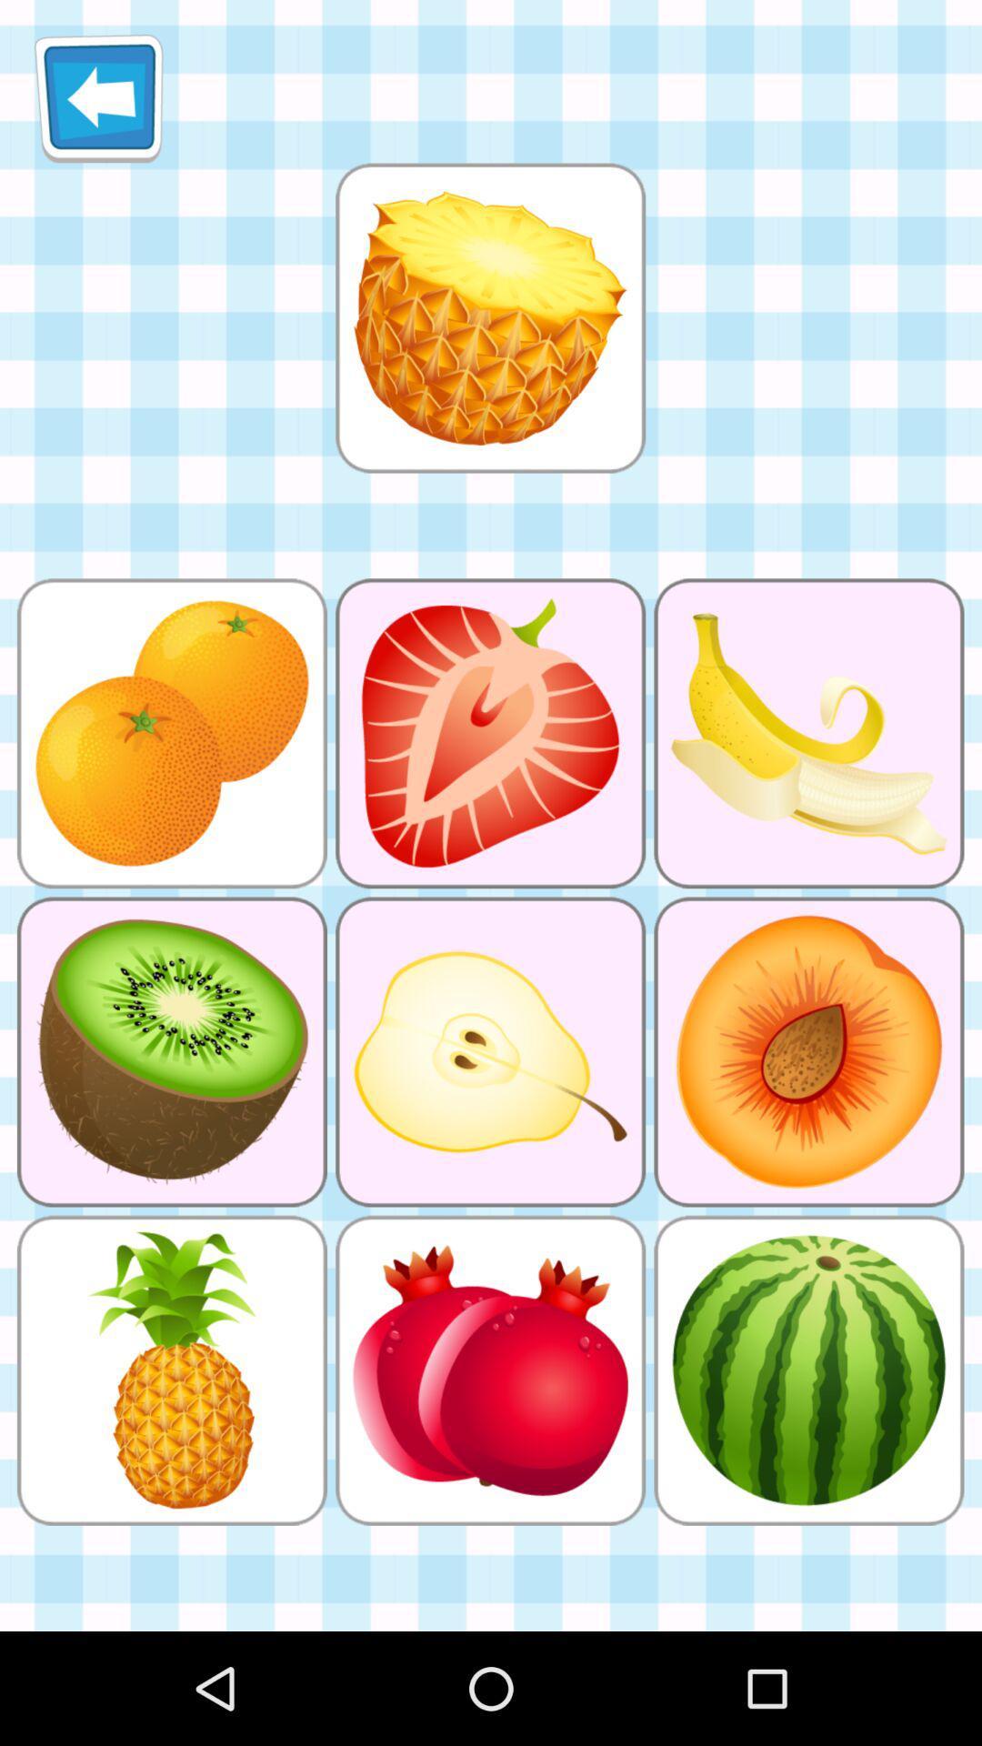 The width and height of the screenshot is (982, 1746). Describe the element at coordinates (98, 97) in the screenshot. I see `come back` at that location.